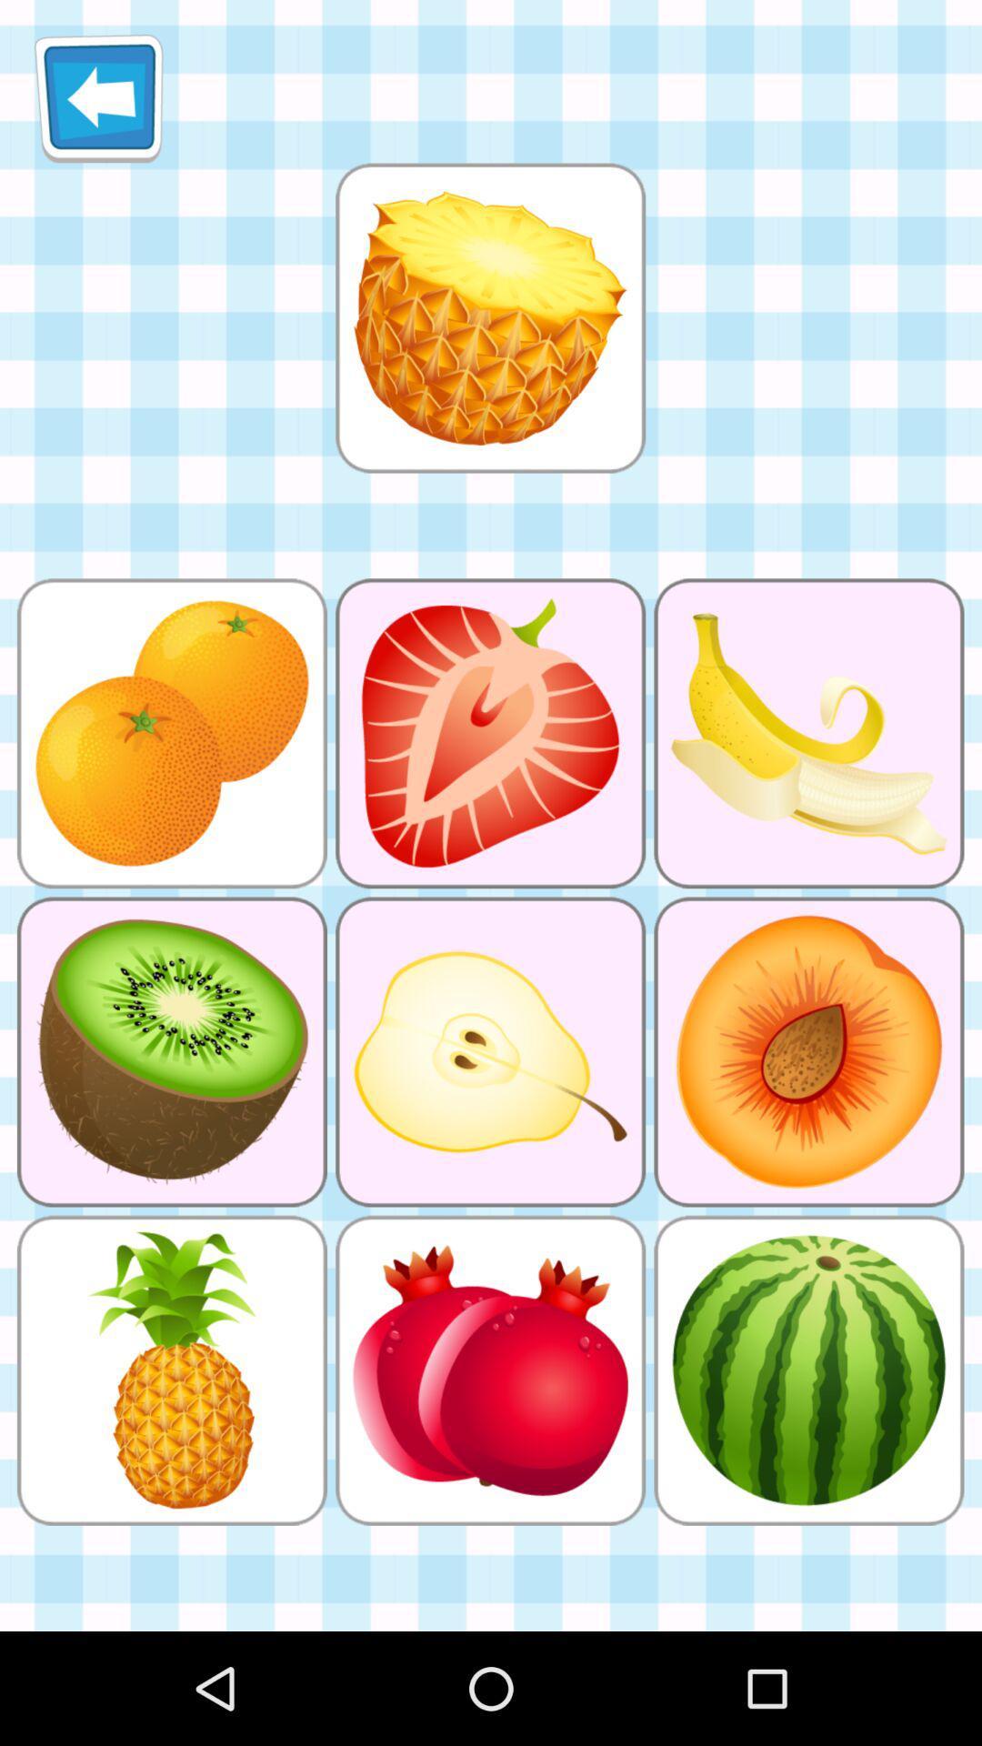 The width and height of the screenshot is (982, 1746). Describe the element at coordinates (98, 97) in the screenshot. I see `come back` at that location.